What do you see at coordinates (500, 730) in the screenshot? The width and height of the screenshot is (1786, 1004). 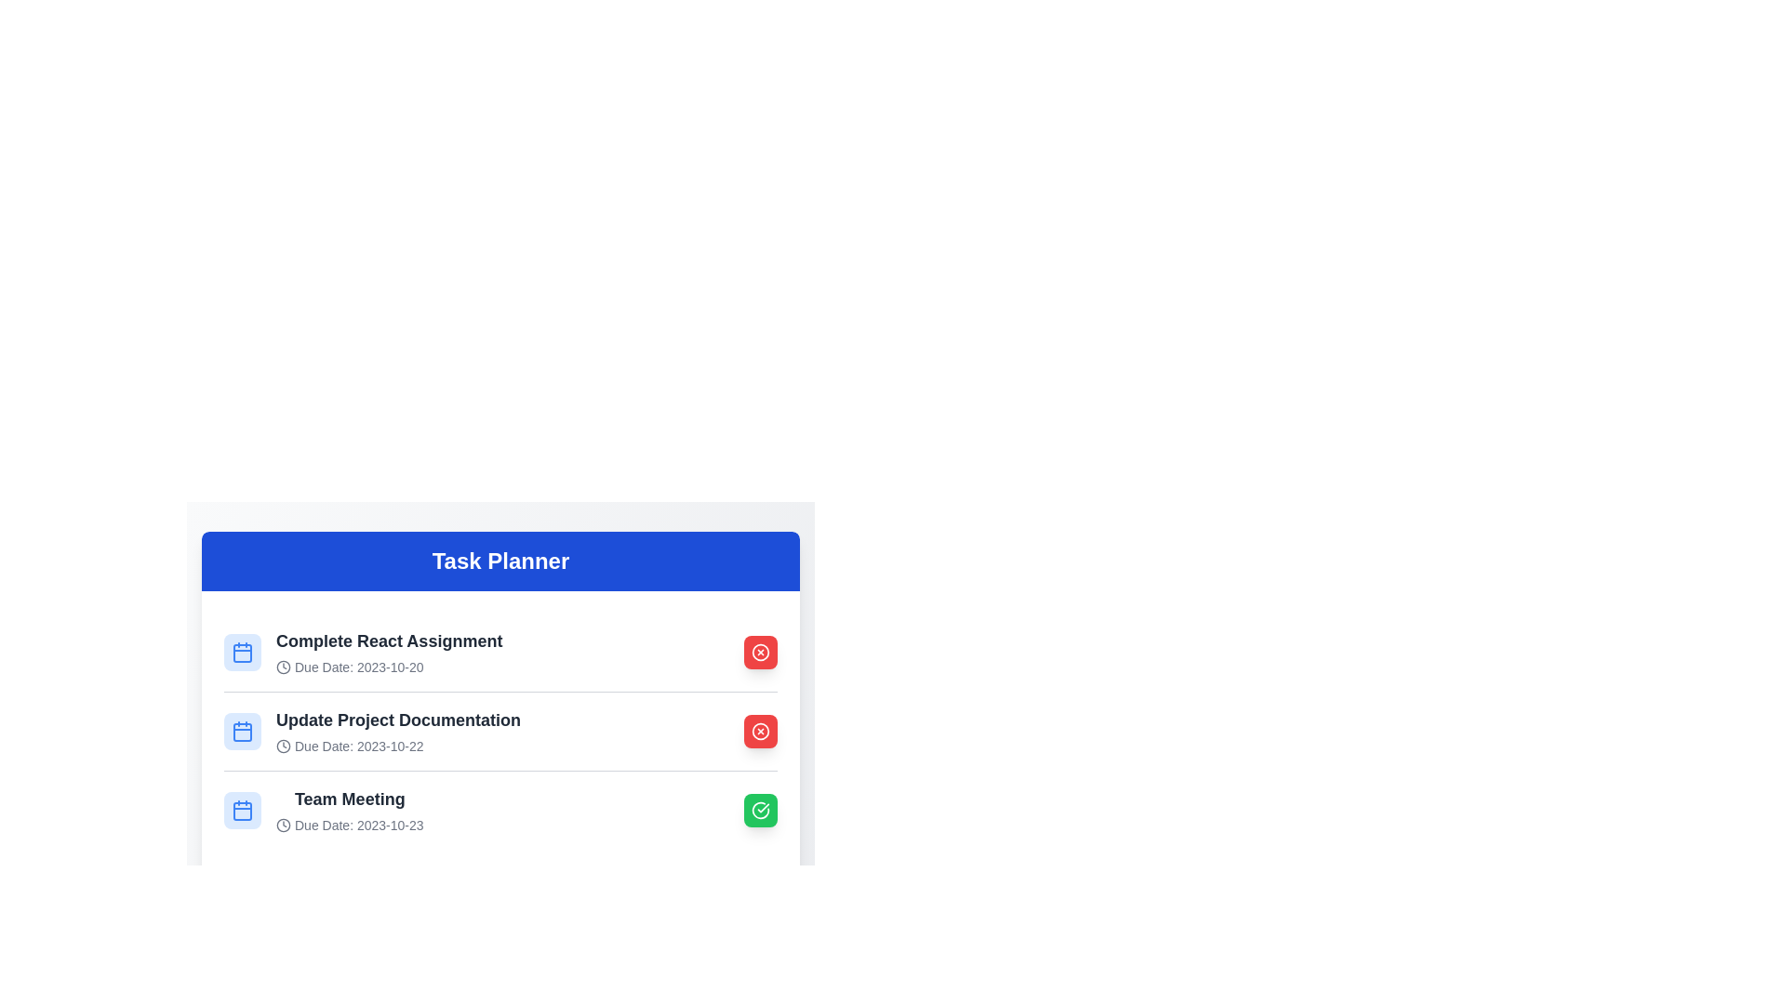 I see `keyboard navigation` at bounding box center [500, 730].